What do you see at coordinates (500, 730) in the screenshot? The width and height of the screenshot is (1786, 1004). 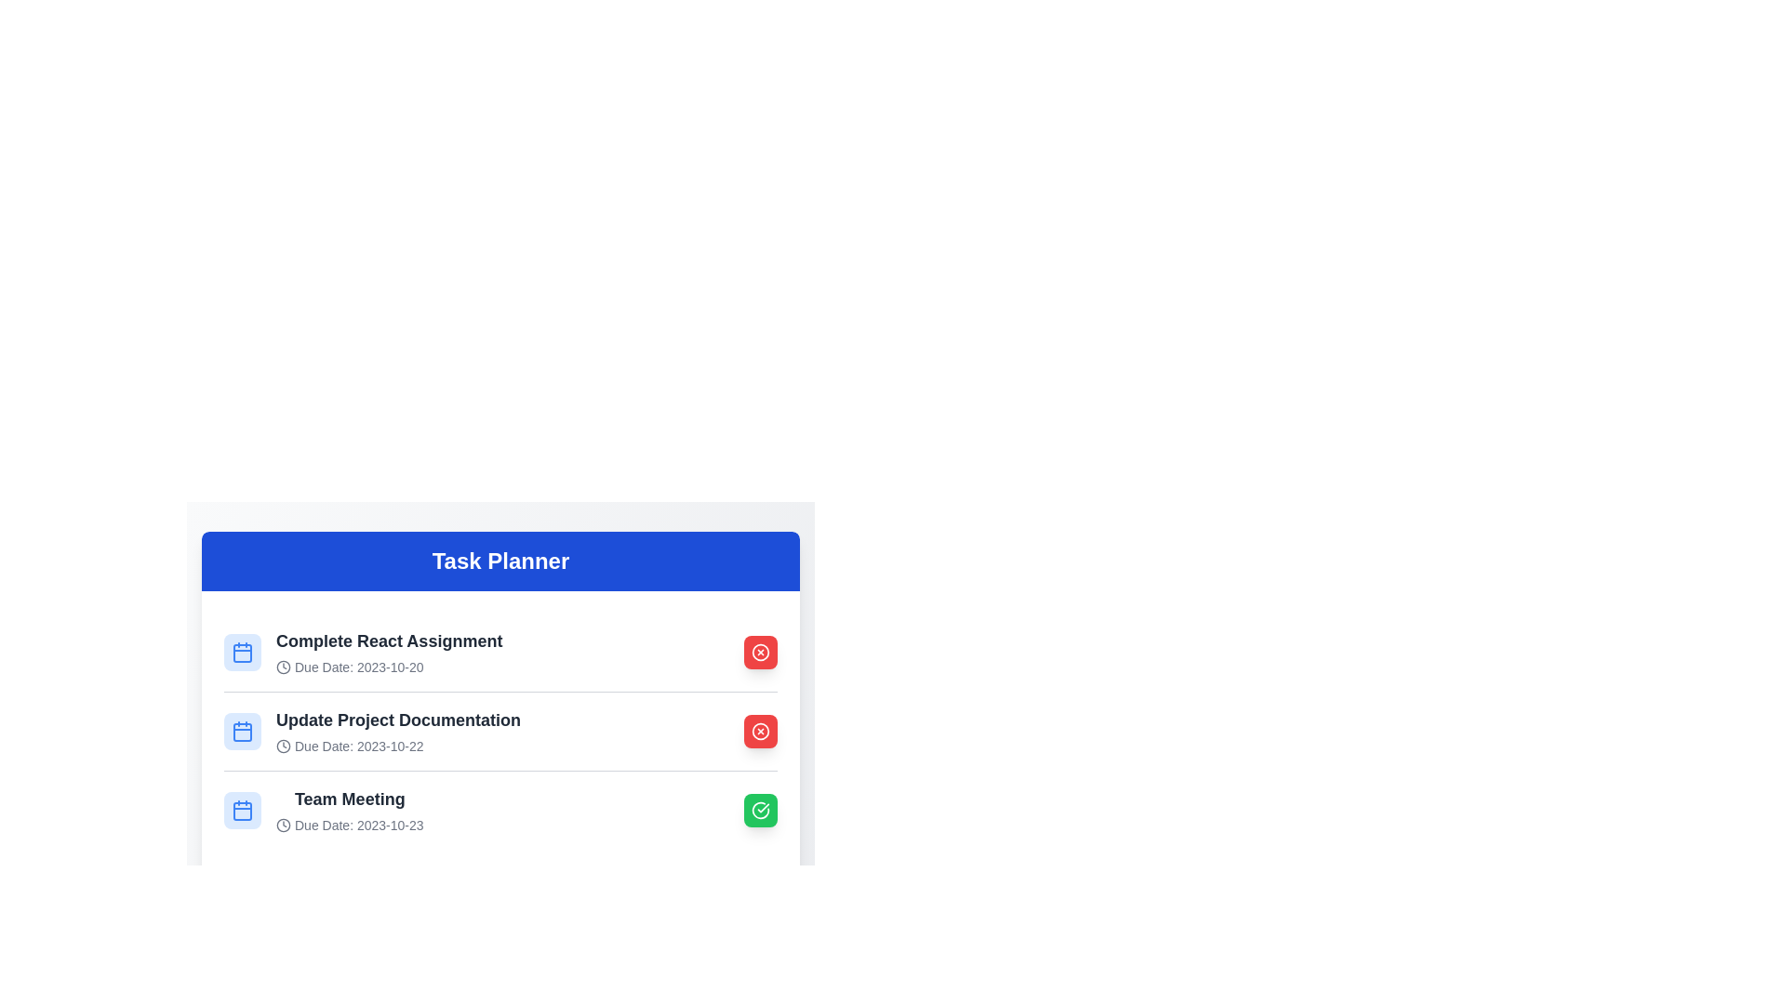 I see `keyboard navigation` at bounding box center [500, 730].